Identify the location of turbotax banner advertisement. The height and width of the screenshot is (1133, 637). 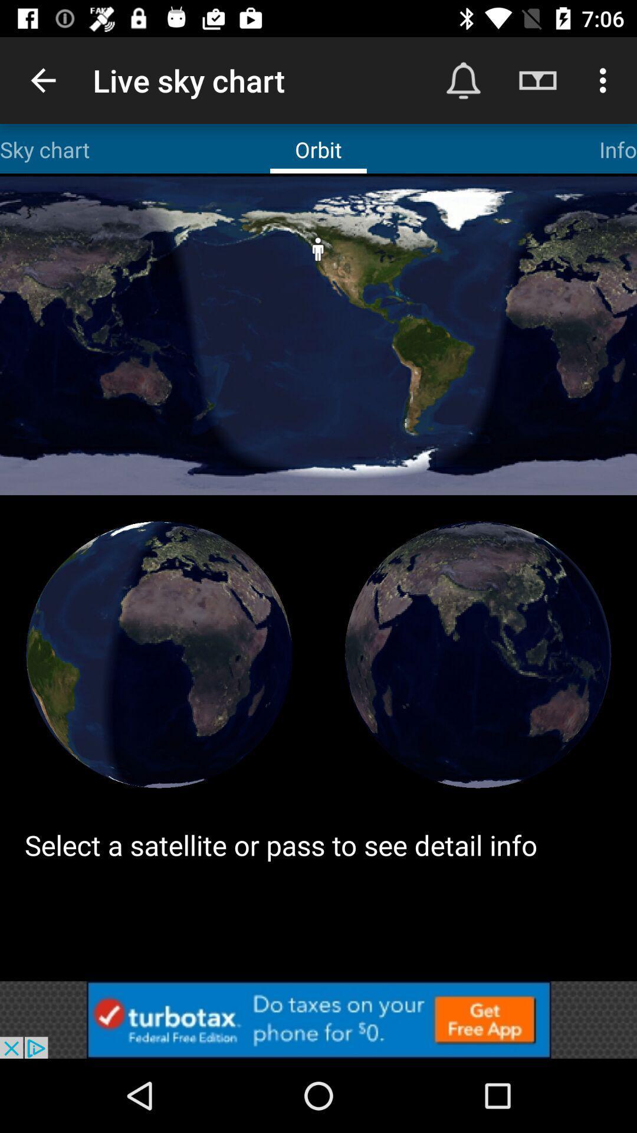
(318, 1019).